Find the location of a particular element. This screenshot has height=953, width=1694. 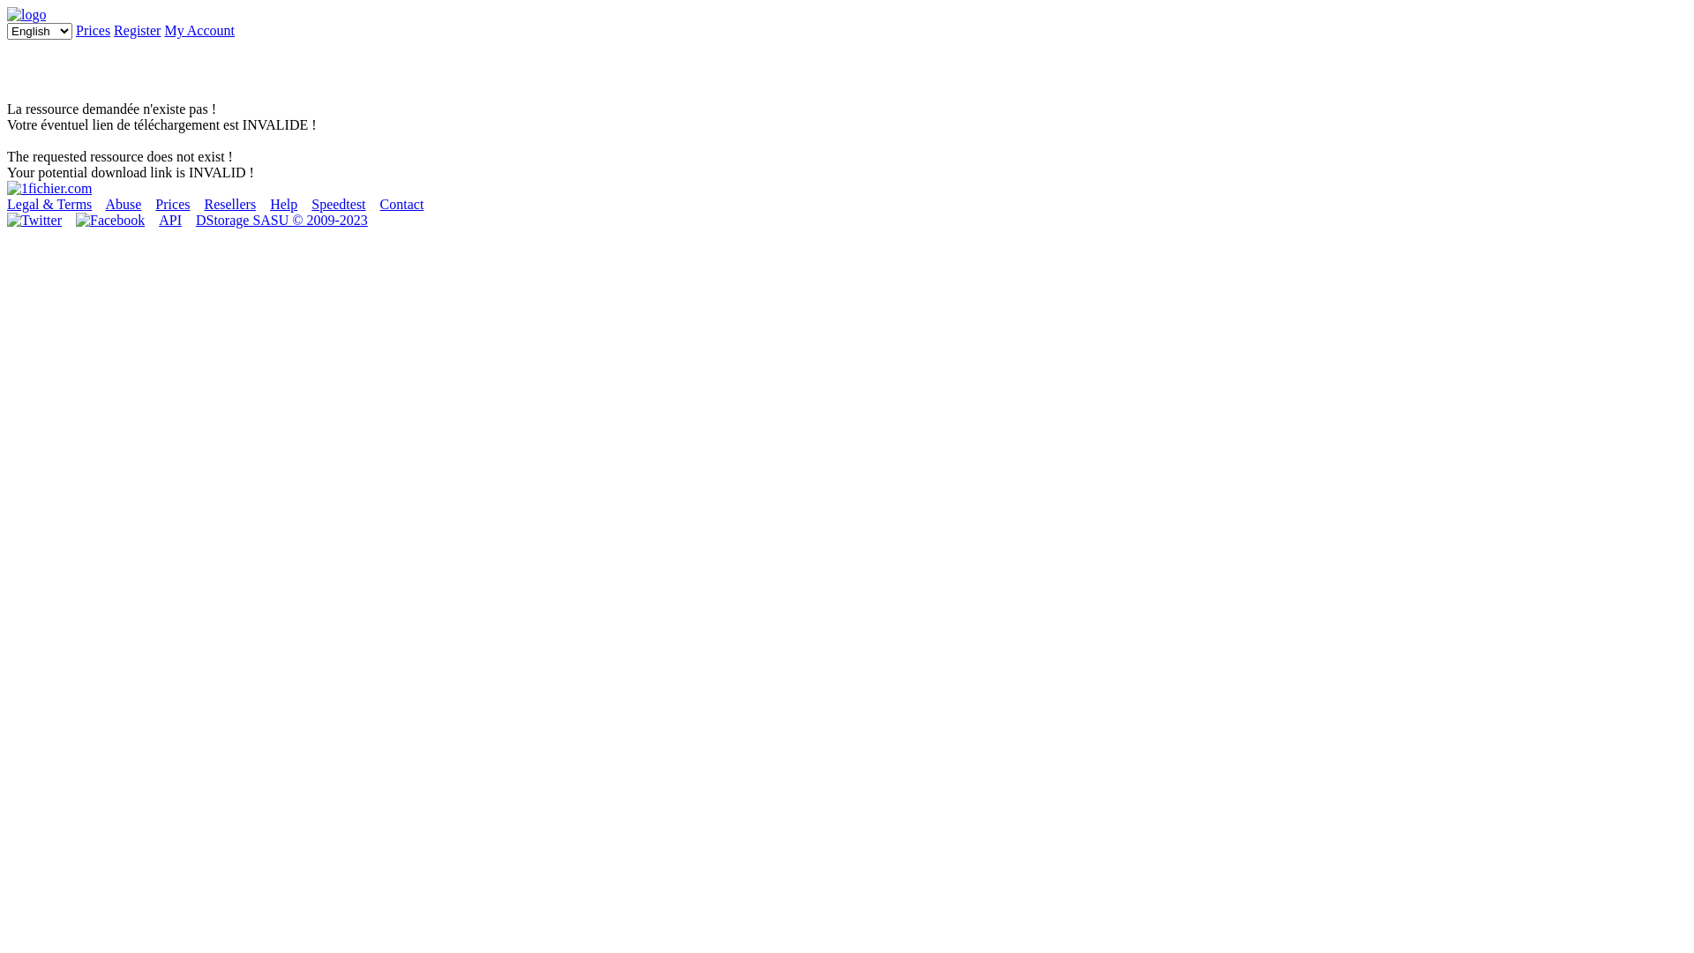

'Back to home page' is located at coordinates (7, 188).